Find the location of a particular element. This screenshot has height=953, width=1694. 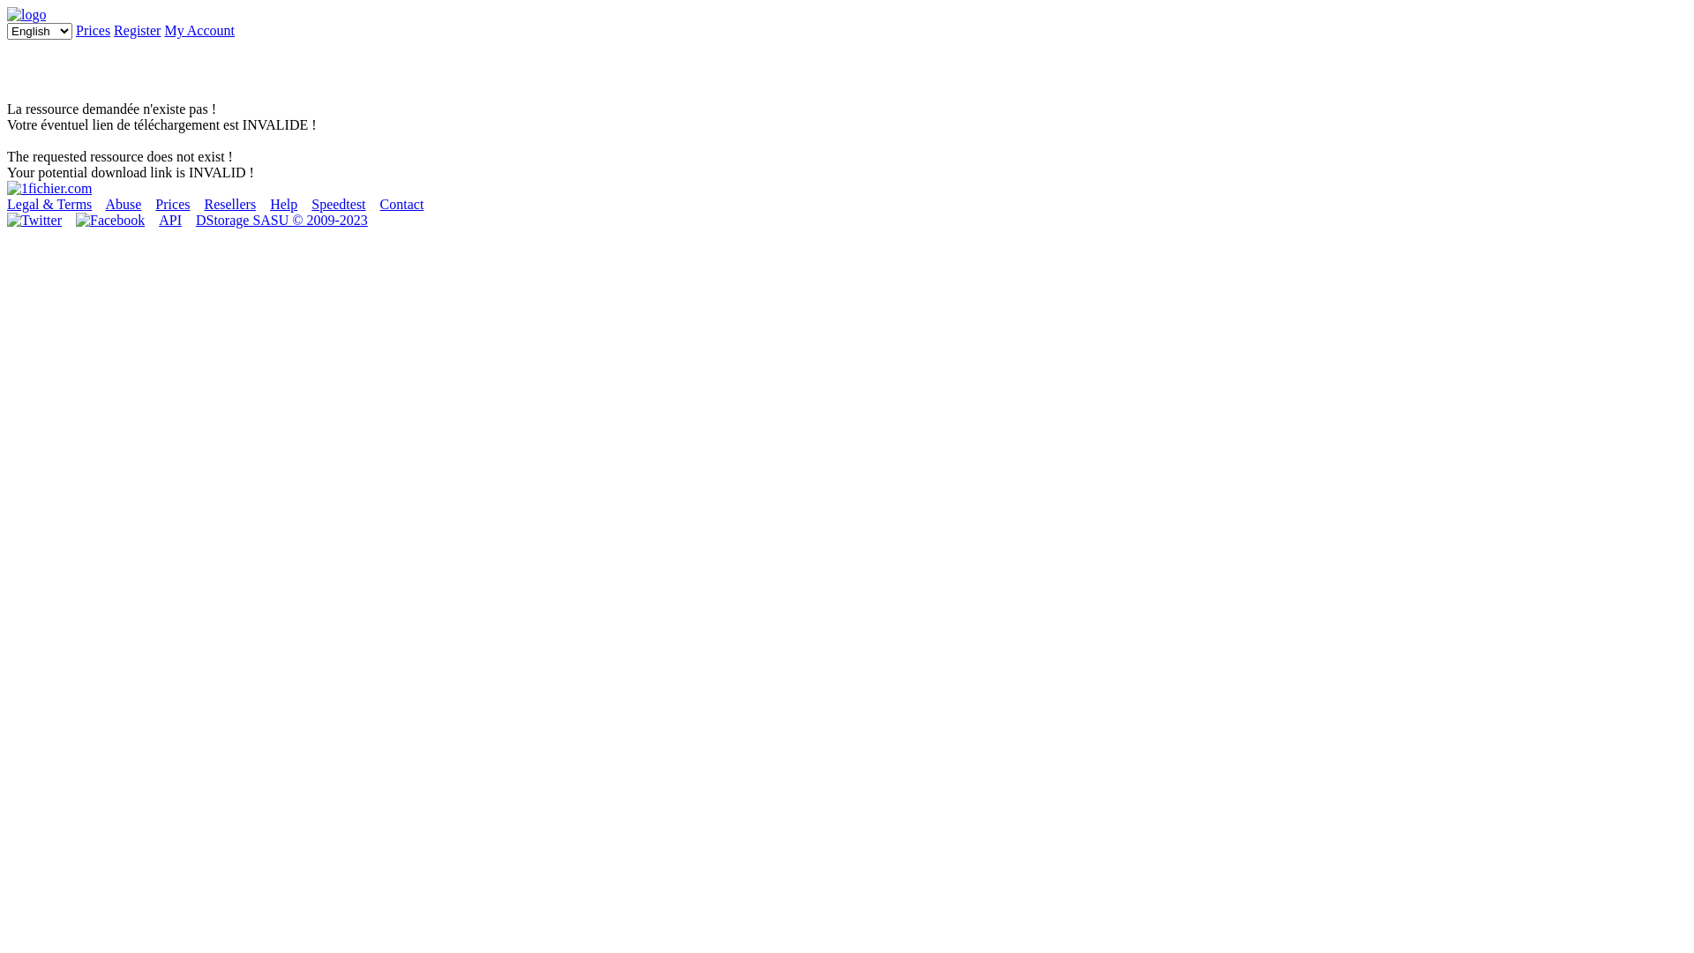

'Back to home page' is located at coordinates (7, 188).